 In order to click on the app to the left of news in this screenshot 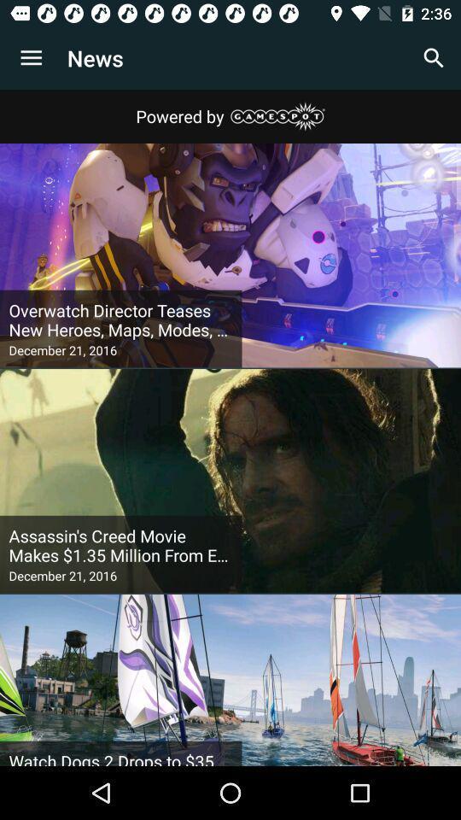, I will do `click(31, 58)`.